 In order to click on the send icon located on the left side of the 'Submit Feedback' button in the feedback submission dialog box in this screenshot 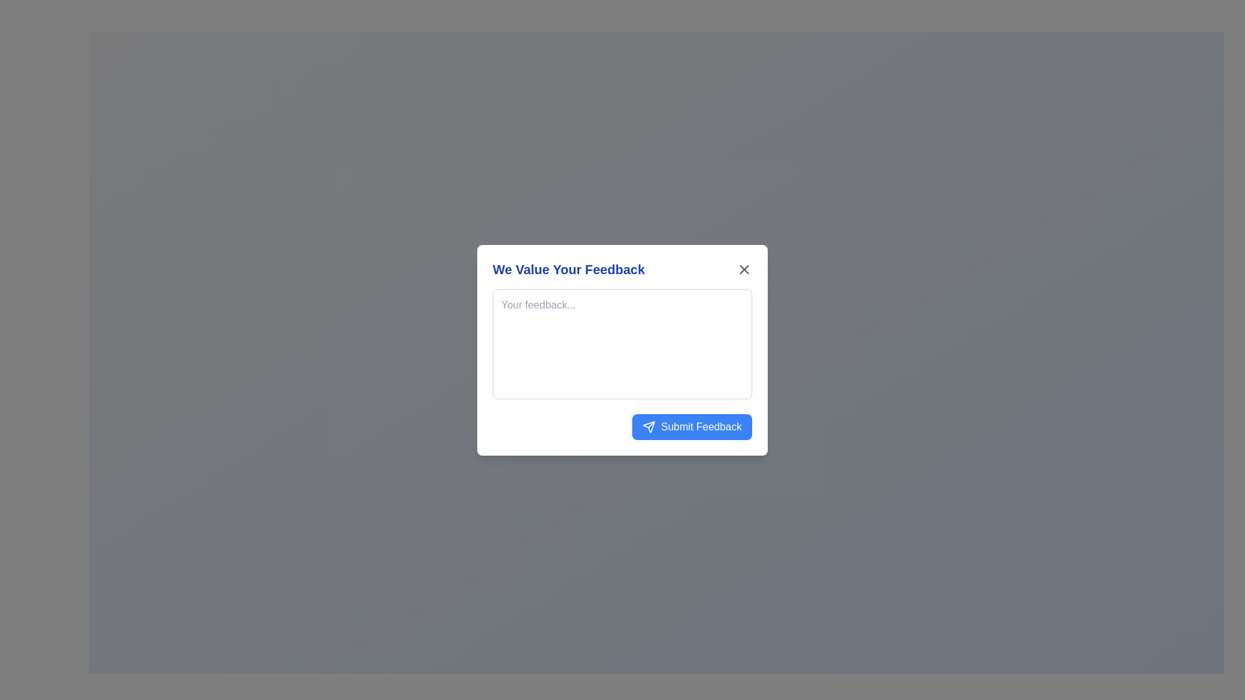, I will do `click(649, 426)`.